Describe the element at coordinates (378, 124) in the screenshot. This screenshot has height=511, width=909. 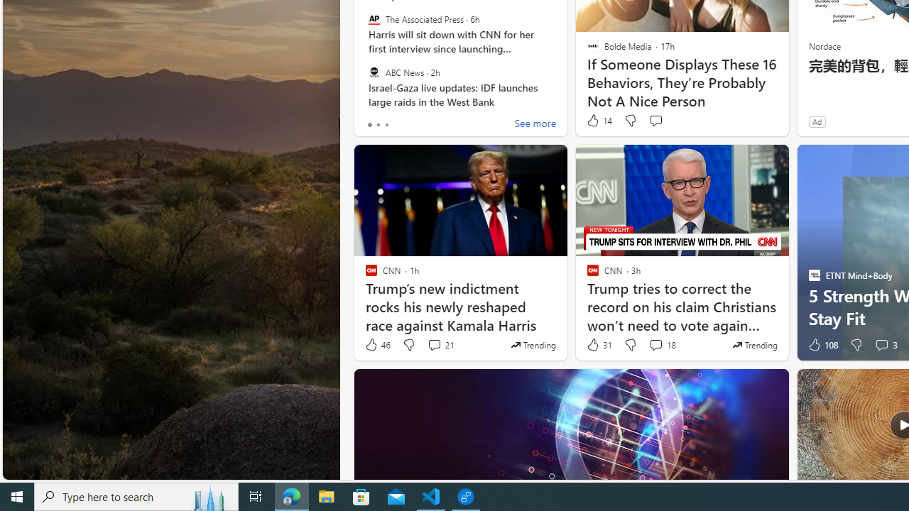
I see `'tab-1'` at that location.